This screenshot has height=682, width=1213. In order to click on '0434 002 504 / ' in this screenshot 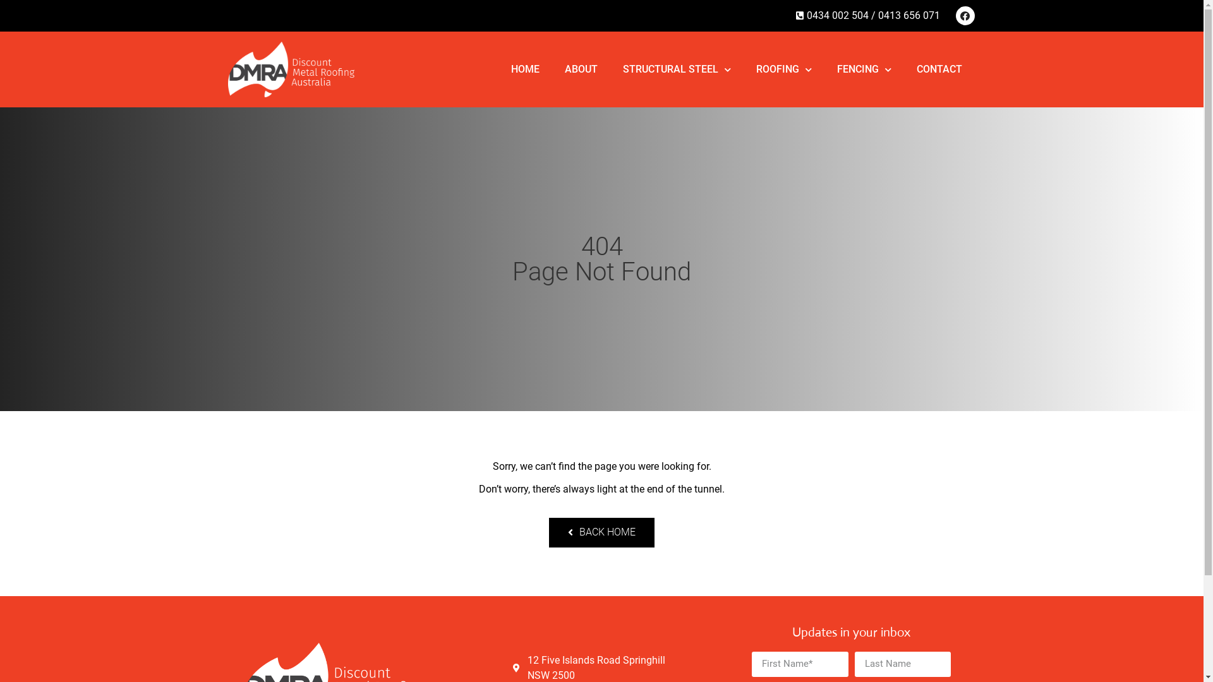, I will do `click(835, 15)`.